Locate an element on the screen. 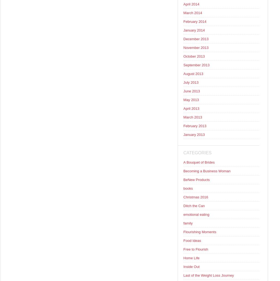 The image size is (280, 281). 'books' is located at coordinates (187, 188).